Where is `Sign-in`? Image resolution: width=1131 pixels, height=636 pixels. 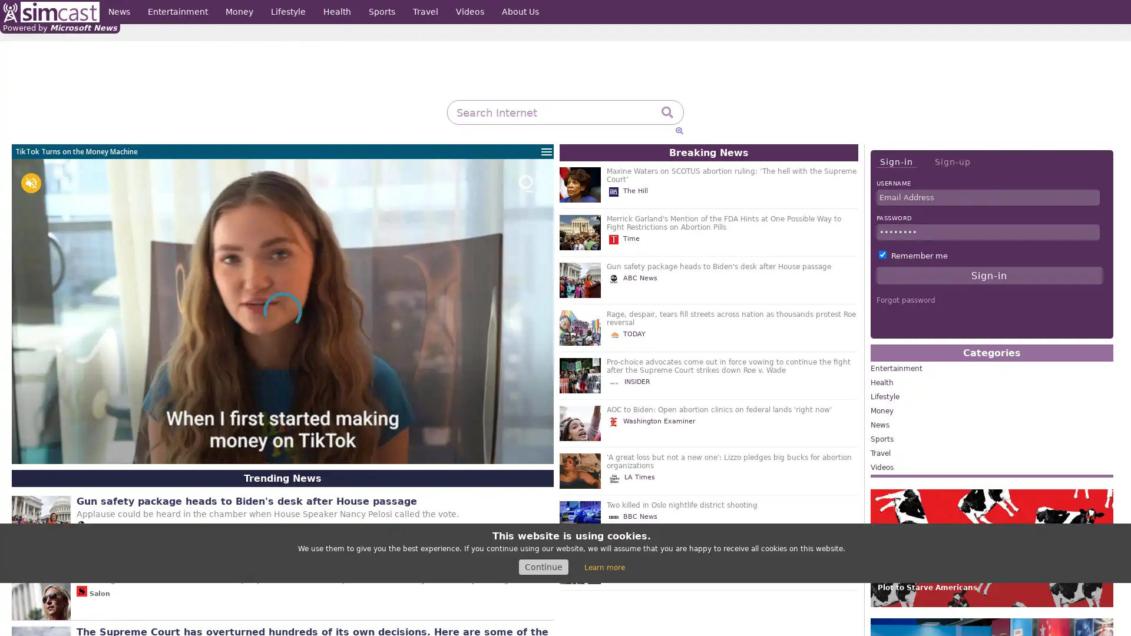
Sign-in is located at coordinates (989, 275).